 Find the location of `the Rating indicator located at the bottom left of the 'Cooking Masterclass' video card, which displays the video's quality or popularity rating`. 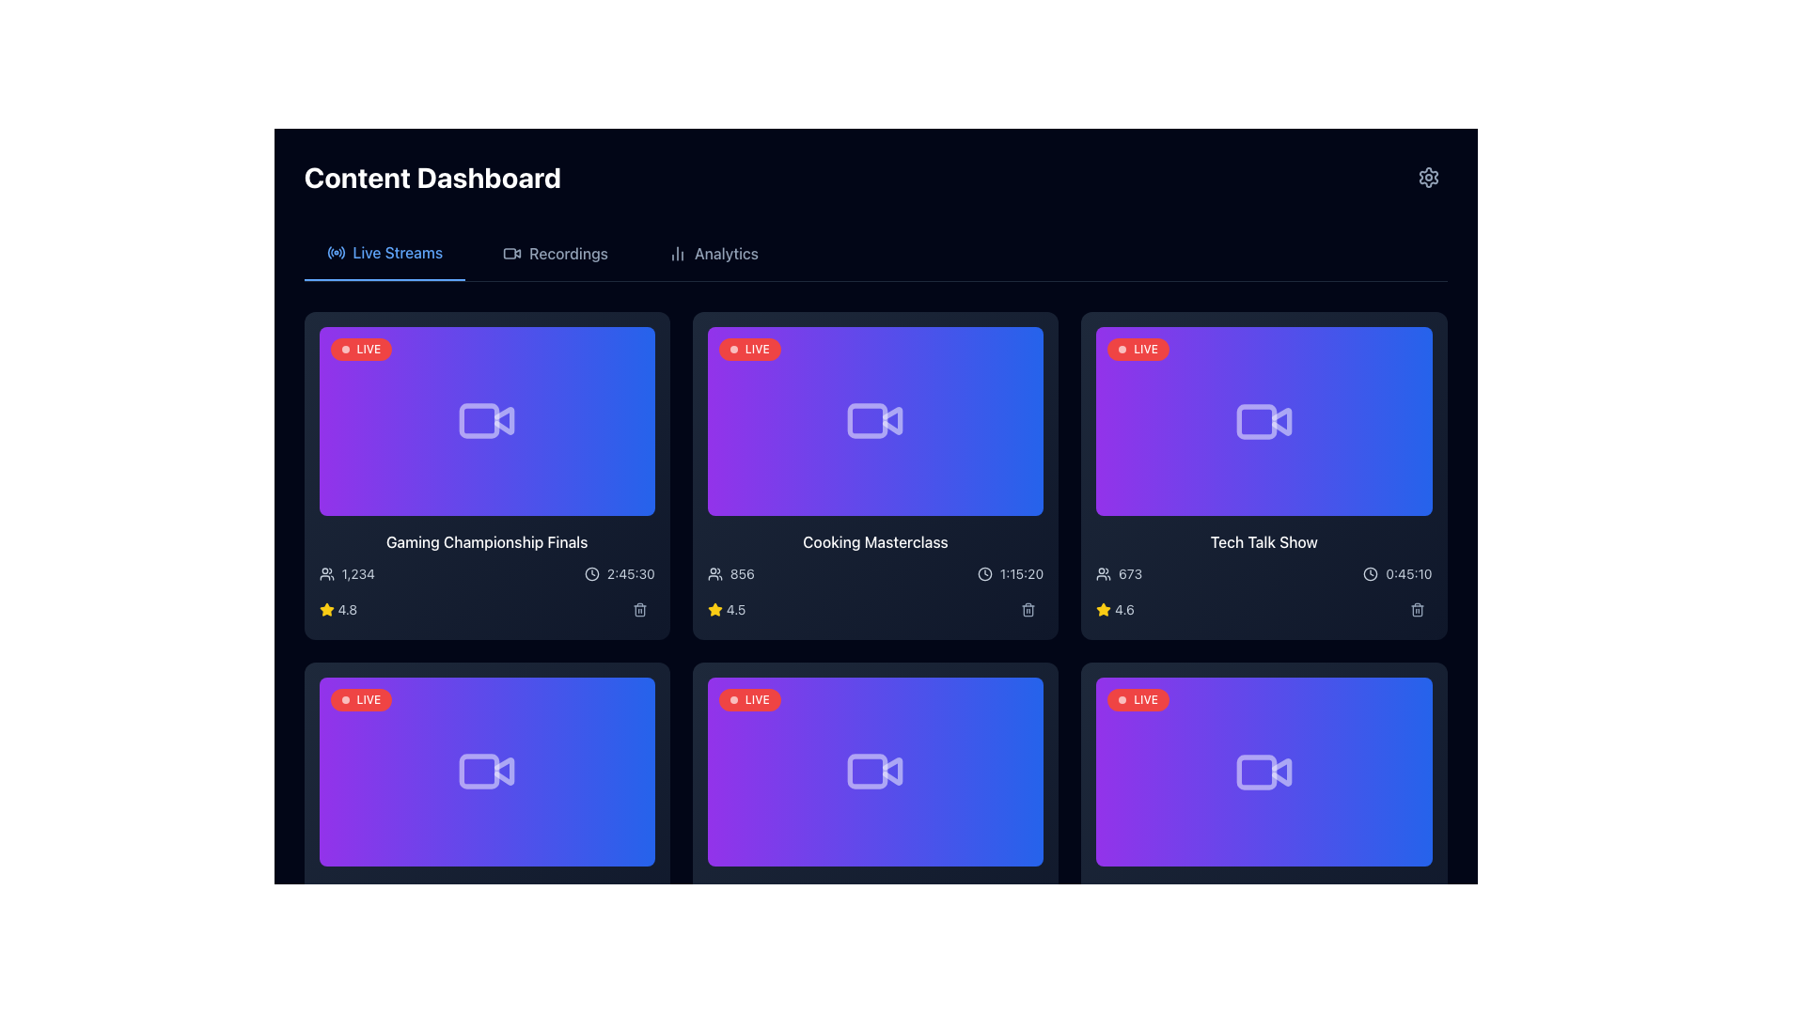

the Rating indicator located at the bottom left of the 'Cooking Masterclass' video card, which displays the video's quality or popularity rating is located at coordinates (725, 609).